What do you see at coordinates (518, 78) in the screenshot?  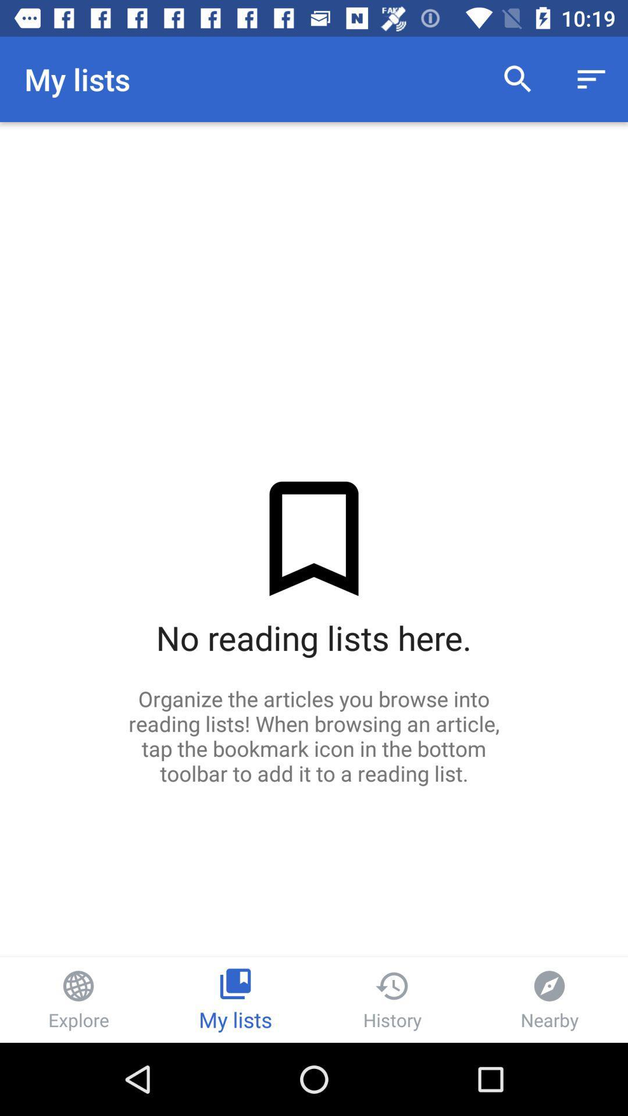 I see `the item next to the my lists icon` at bounding box center [518, 78].